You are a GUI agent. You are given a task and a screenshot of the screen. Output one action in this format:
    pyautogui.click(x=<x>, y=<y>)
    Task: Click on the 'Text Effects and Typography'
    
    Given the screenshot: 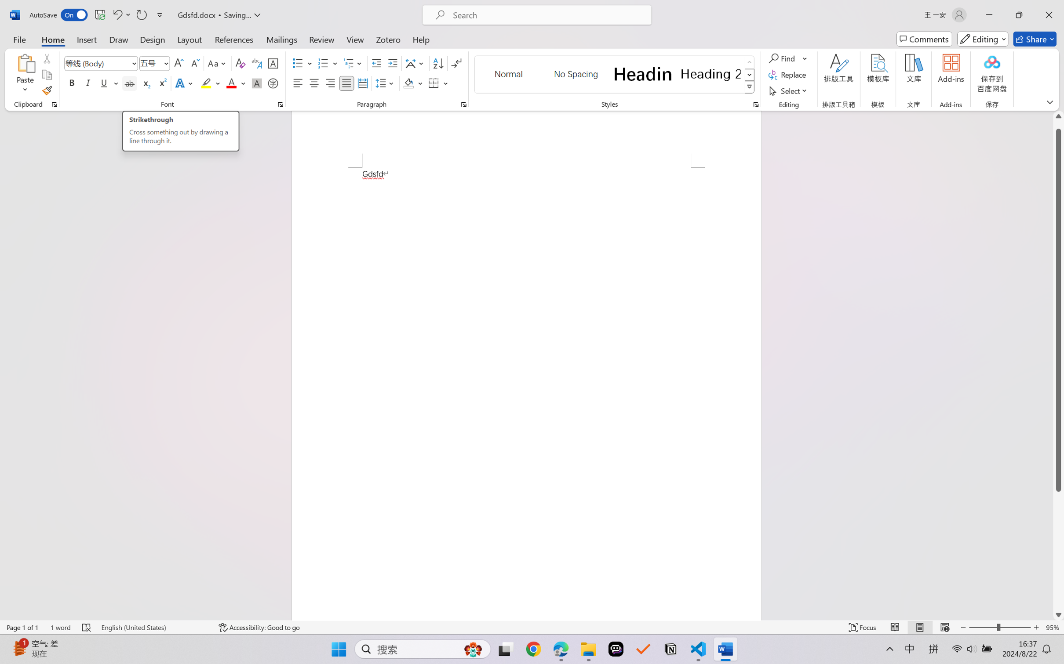 What is the action you would take?
    pyautogui.click(x=185, y=83)
    